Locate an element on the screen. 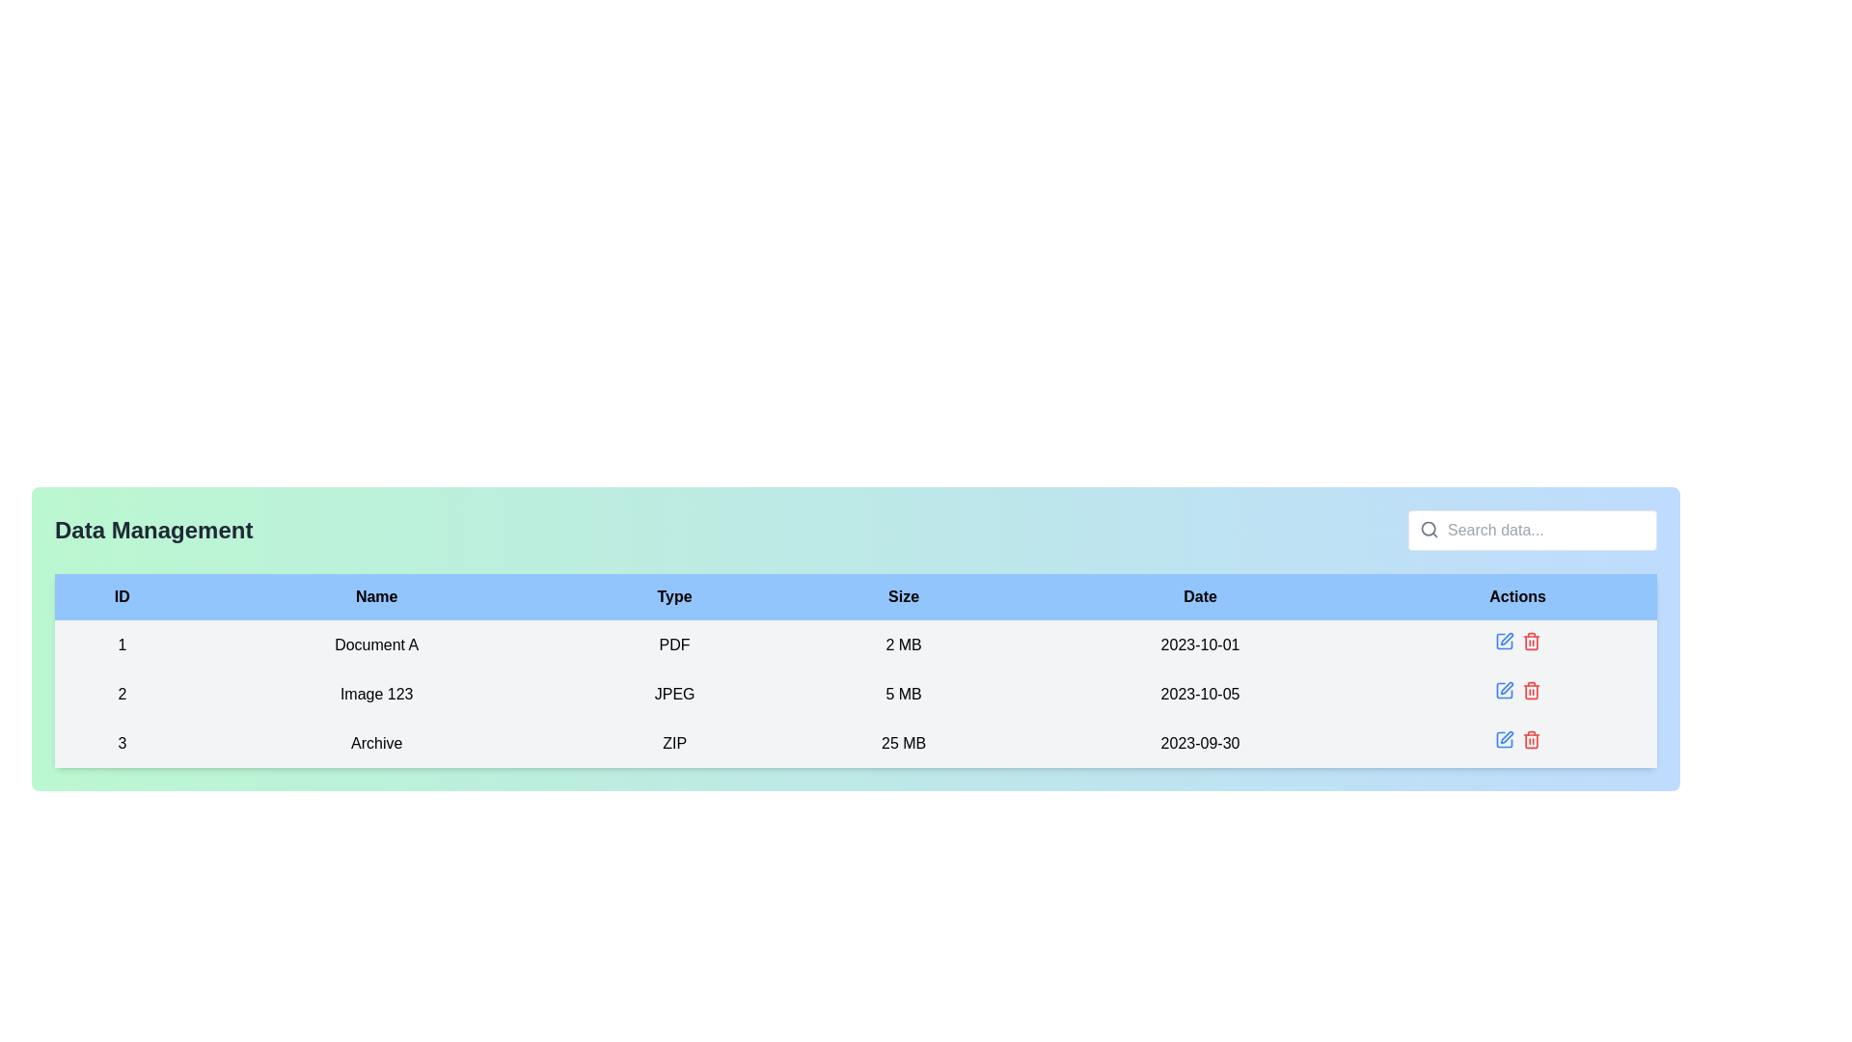 This screenshot has height=1042, width=1852. the non-interactive informational Text label that represents the file type or format associated with the data row, located in the third cell under the 'Type' column in the third row of the data table is located at coordinates (674, 742).